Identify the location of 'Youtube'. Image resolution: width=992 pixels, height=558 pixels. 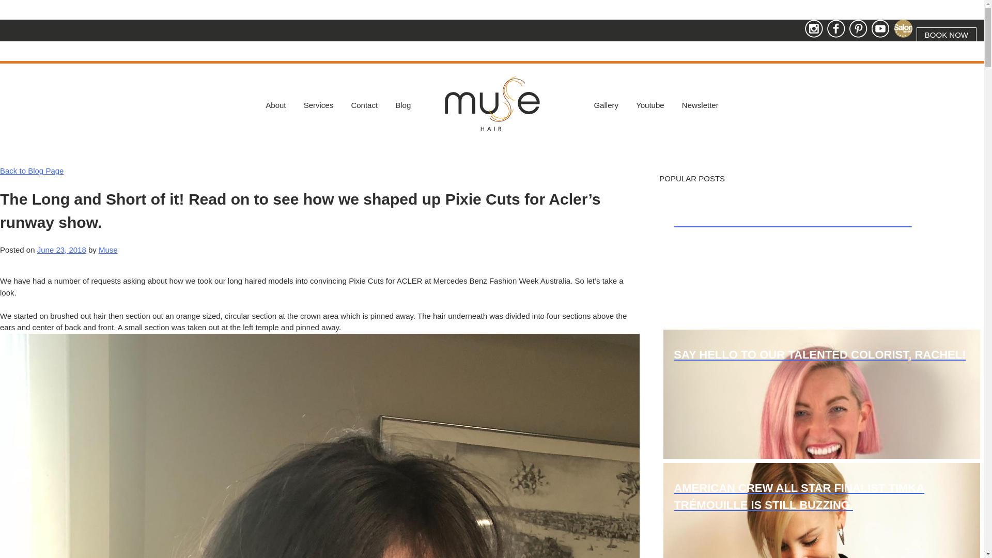
(649, 105).